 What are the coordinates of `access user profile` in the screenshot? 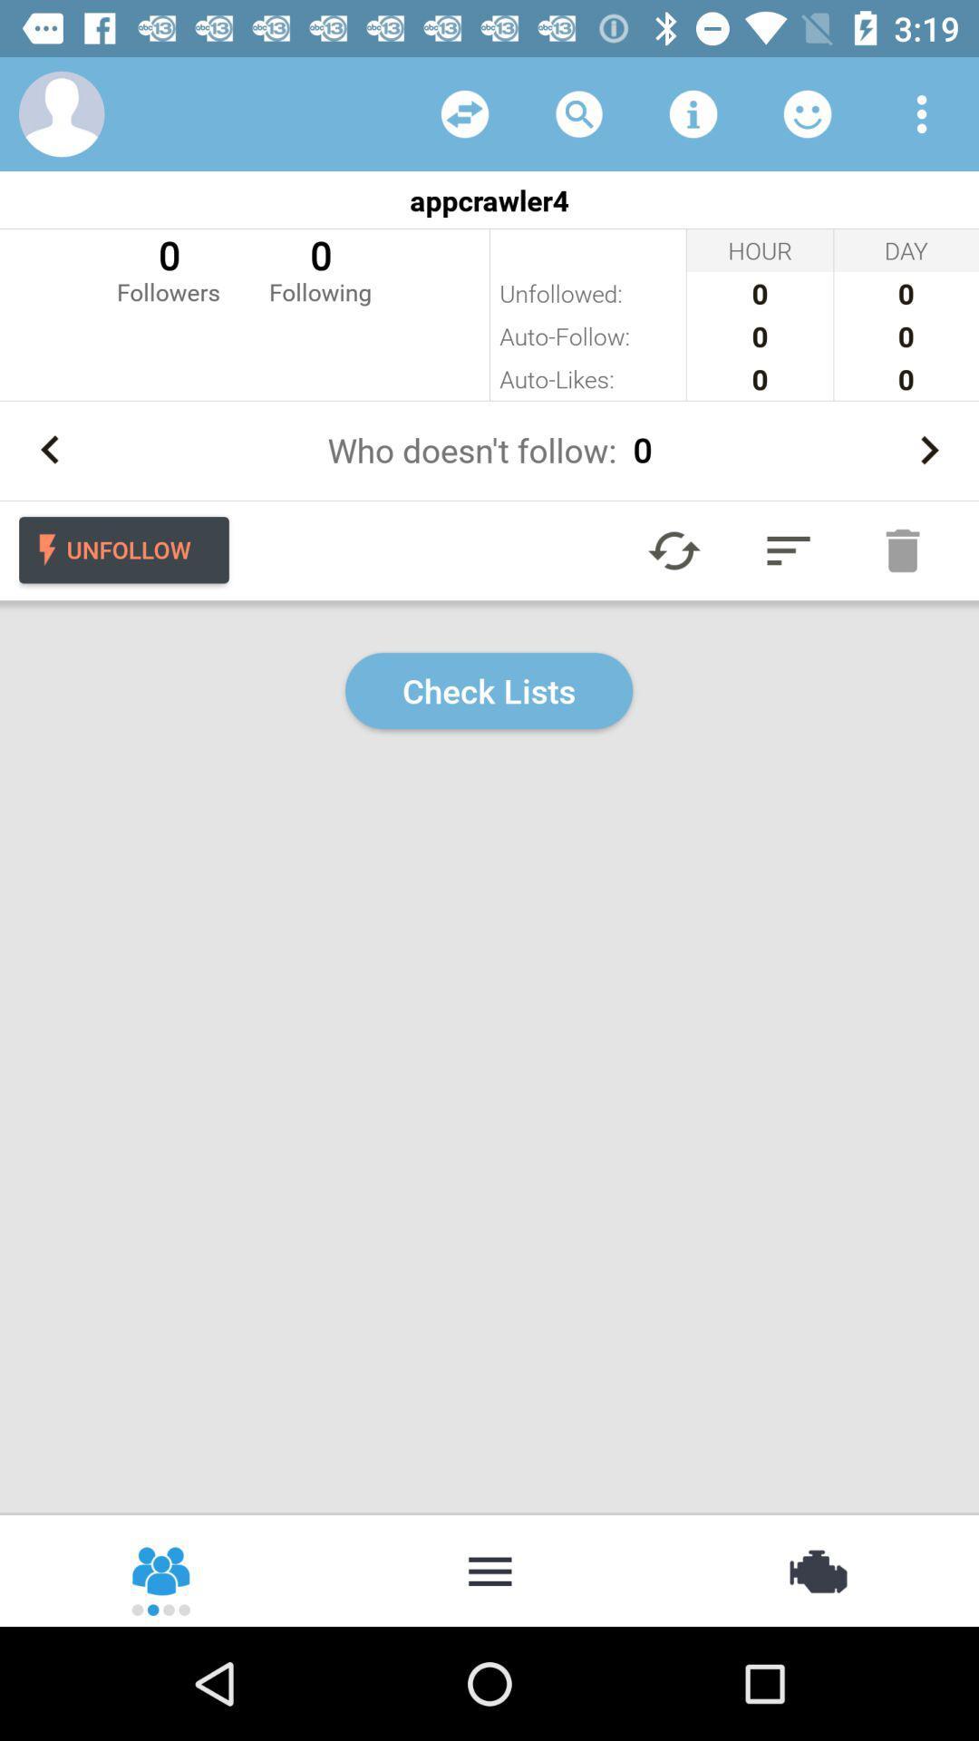 It's located at (61, 112).